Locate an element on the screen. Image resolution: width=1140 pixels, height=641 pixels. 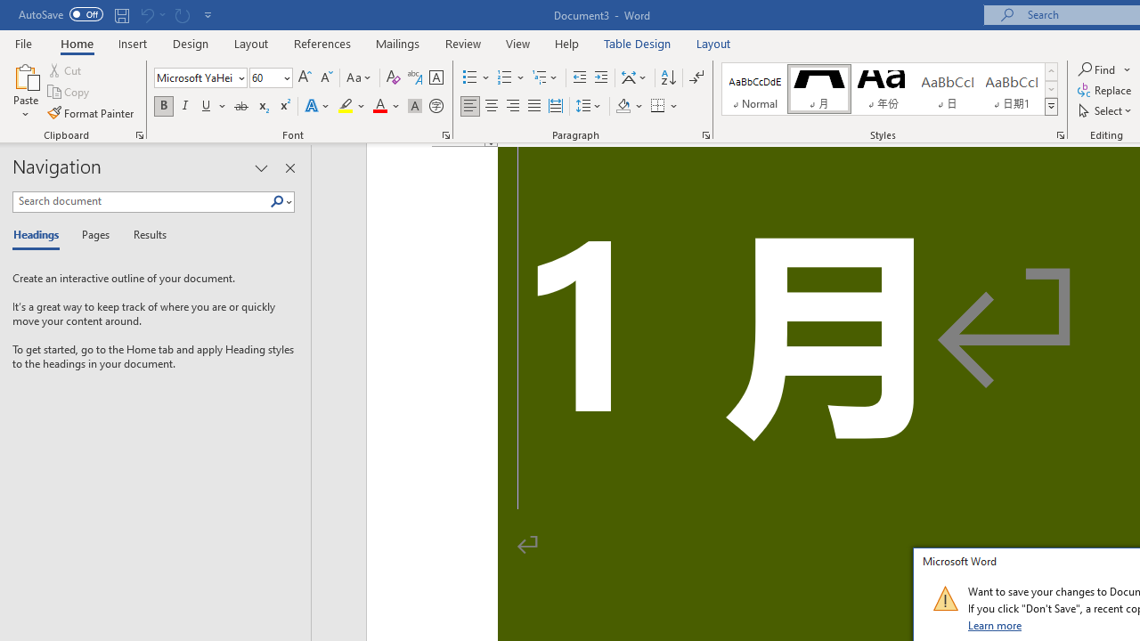
'Layout' is located at coordinates (713, 43).